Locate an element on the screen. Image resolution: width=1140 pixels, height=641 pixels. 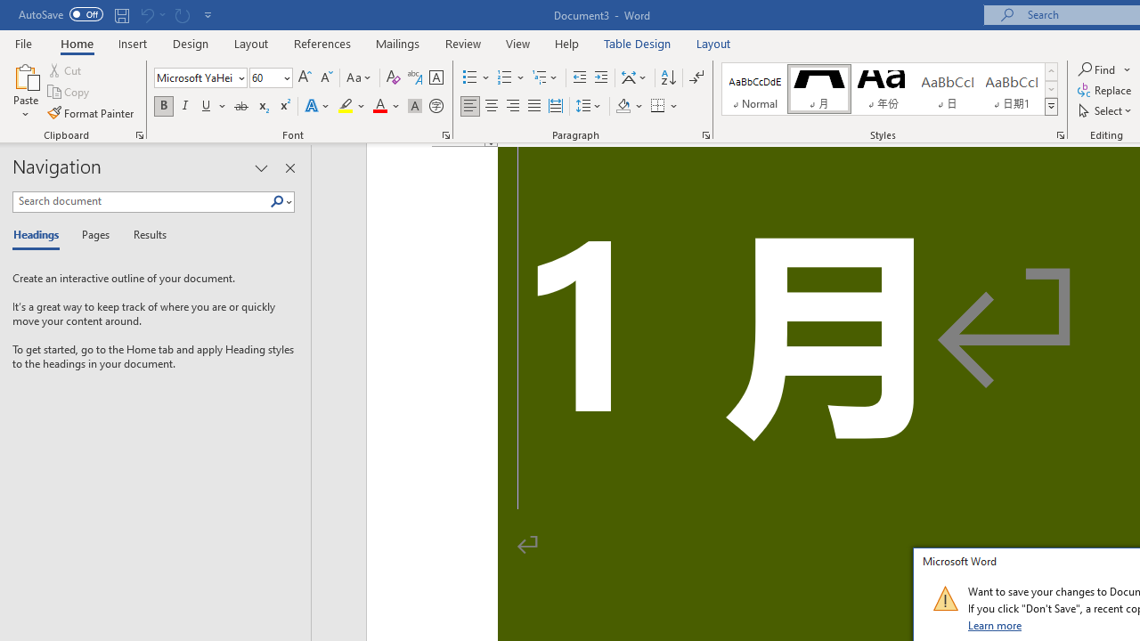
'Layout' is located at coordinates (713, 43).